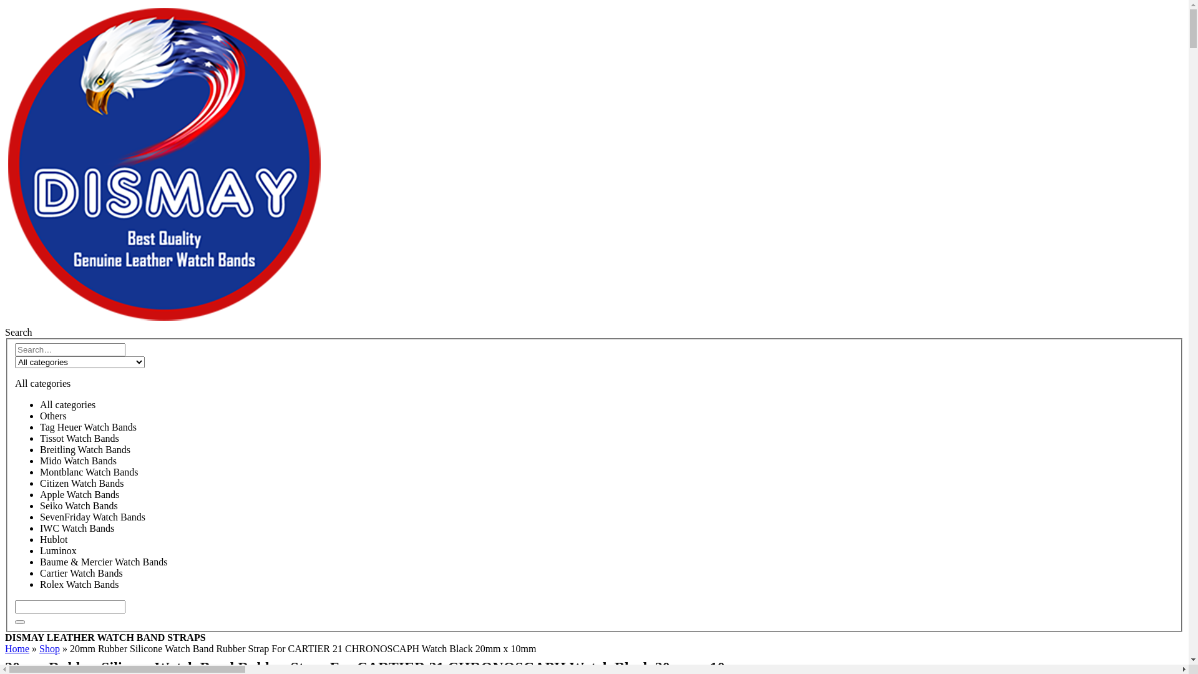 The height and width of the screenshot is (674, 1198). I want to click on 'Search', so click(15, 622).